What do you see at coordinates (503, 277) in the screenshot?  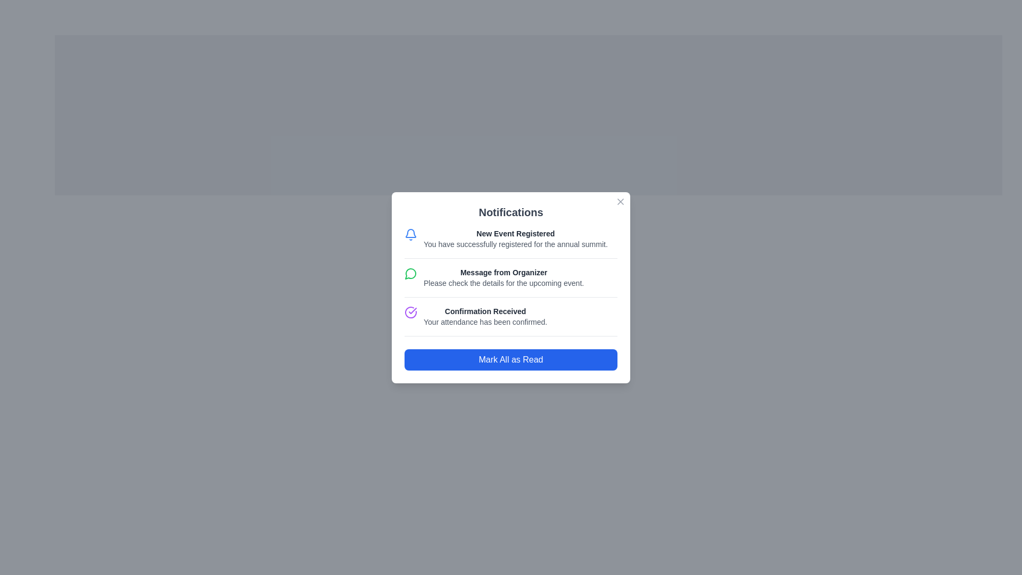 I see `the text block conveying the message from the organizer located in the notifications popup window, specifically positioned between 'New Event Registered' and 'Confirmation Received'` at bounding box center [503, 277].